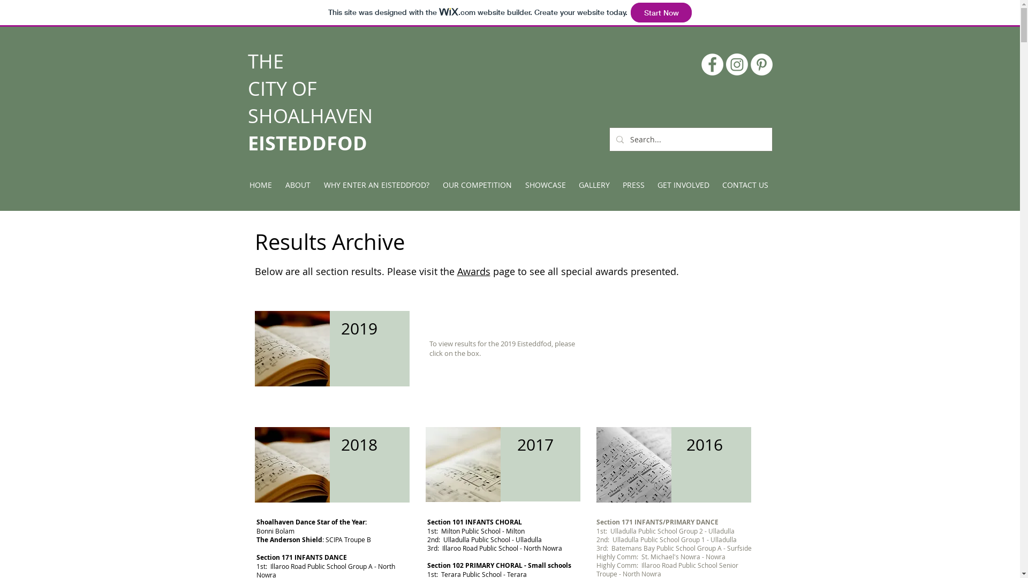  What do you see at coordinates (572, 185) in the screenshot?
I see `'GALLERY'` at bounding box center [572, 185].